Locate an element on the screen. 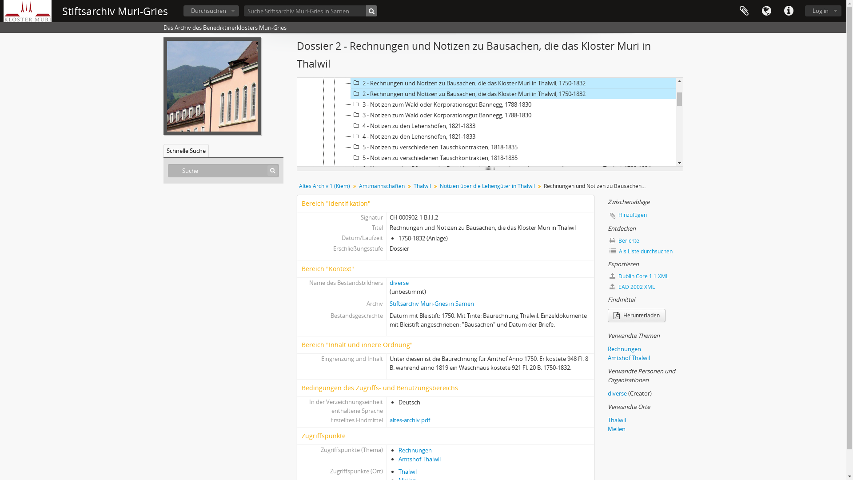 The height and width of the screenshot is (480, 853). 'Log in' is located at coordinates (822, 11).